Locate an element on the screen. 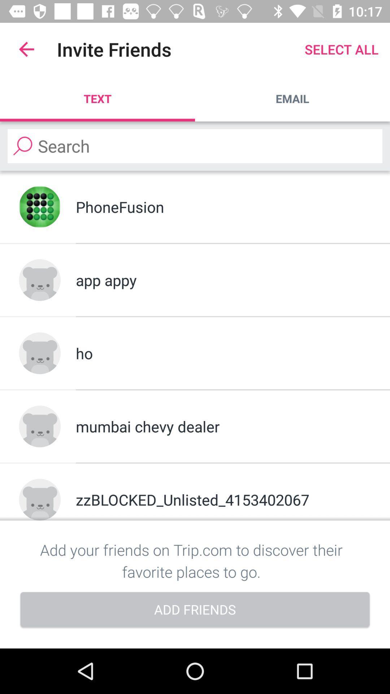 The height and width of the screenshot is (694, 390). search friends is located at coordinates (195, 146).